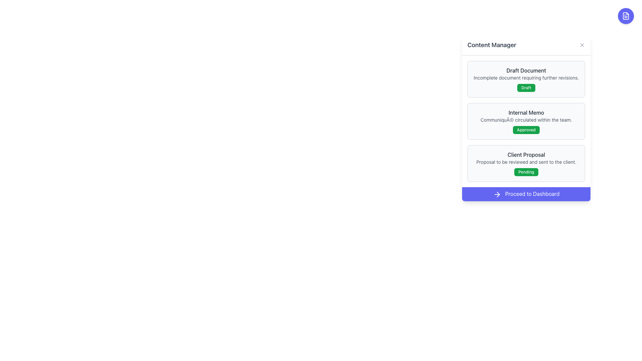 This screenshot has height=361, width=642. What do you see at coordinates (526, 71) in the screenshot?
I see `the static text displaying the title 'Draft Document' located at the top of the first content card in the panel` at bounding box center [526, 71].